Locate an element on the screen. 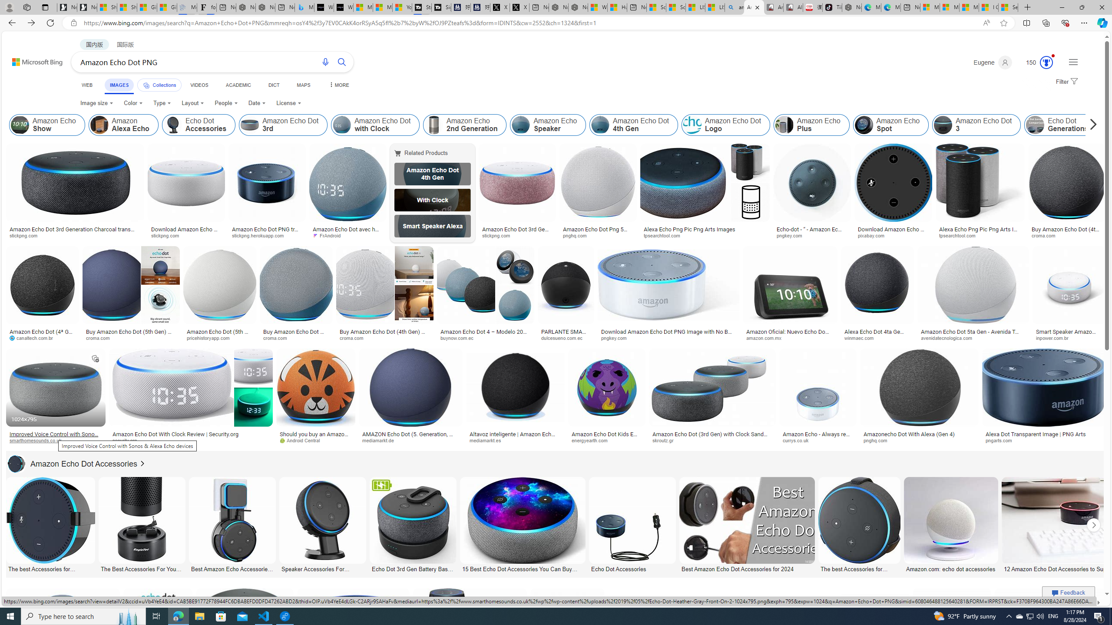 This screenshot has width=1112, height=625. 'Alexa Echo Png Pic Png Arts Images' is located at coordinates (705, 228).